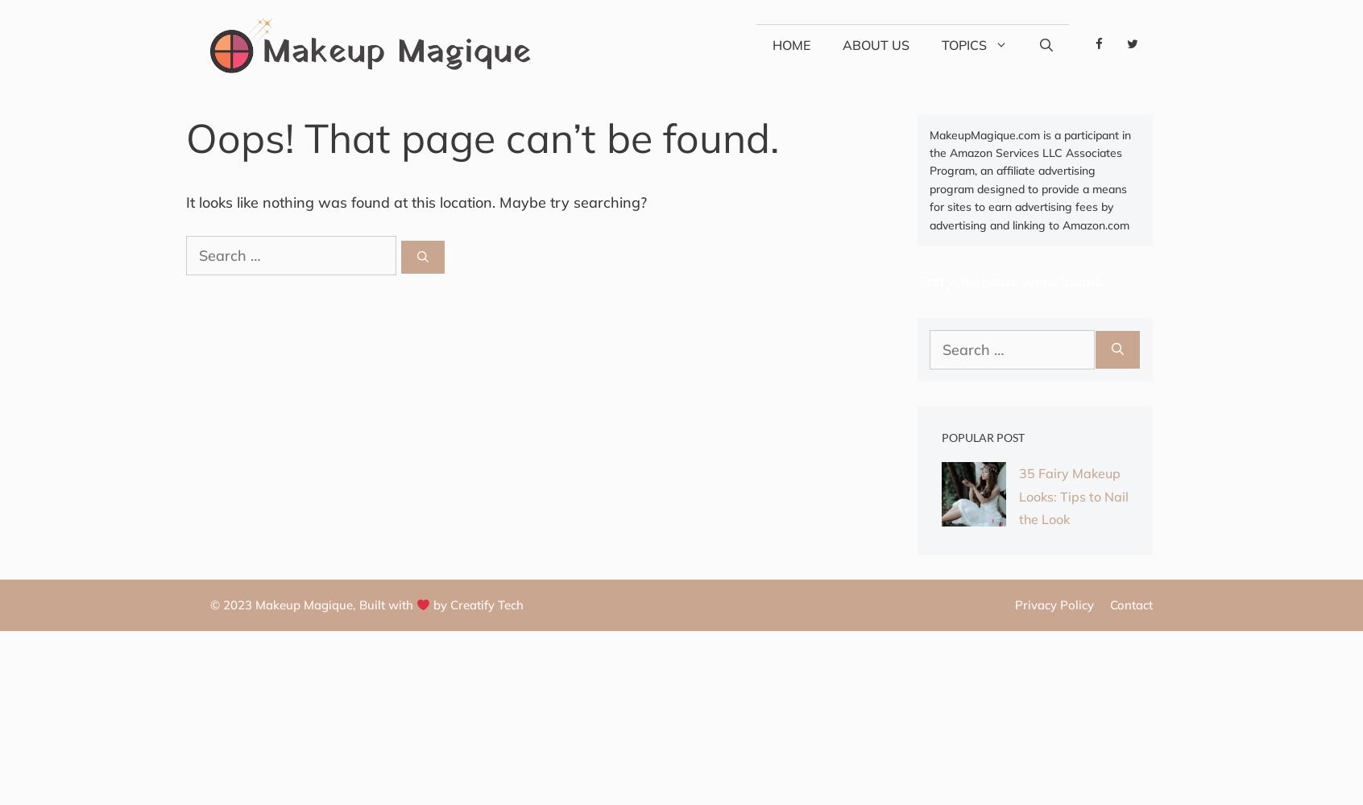 This screenshot has width=1363, height=805. I want to click on 'Privacy Policy', so click(1053, 605).